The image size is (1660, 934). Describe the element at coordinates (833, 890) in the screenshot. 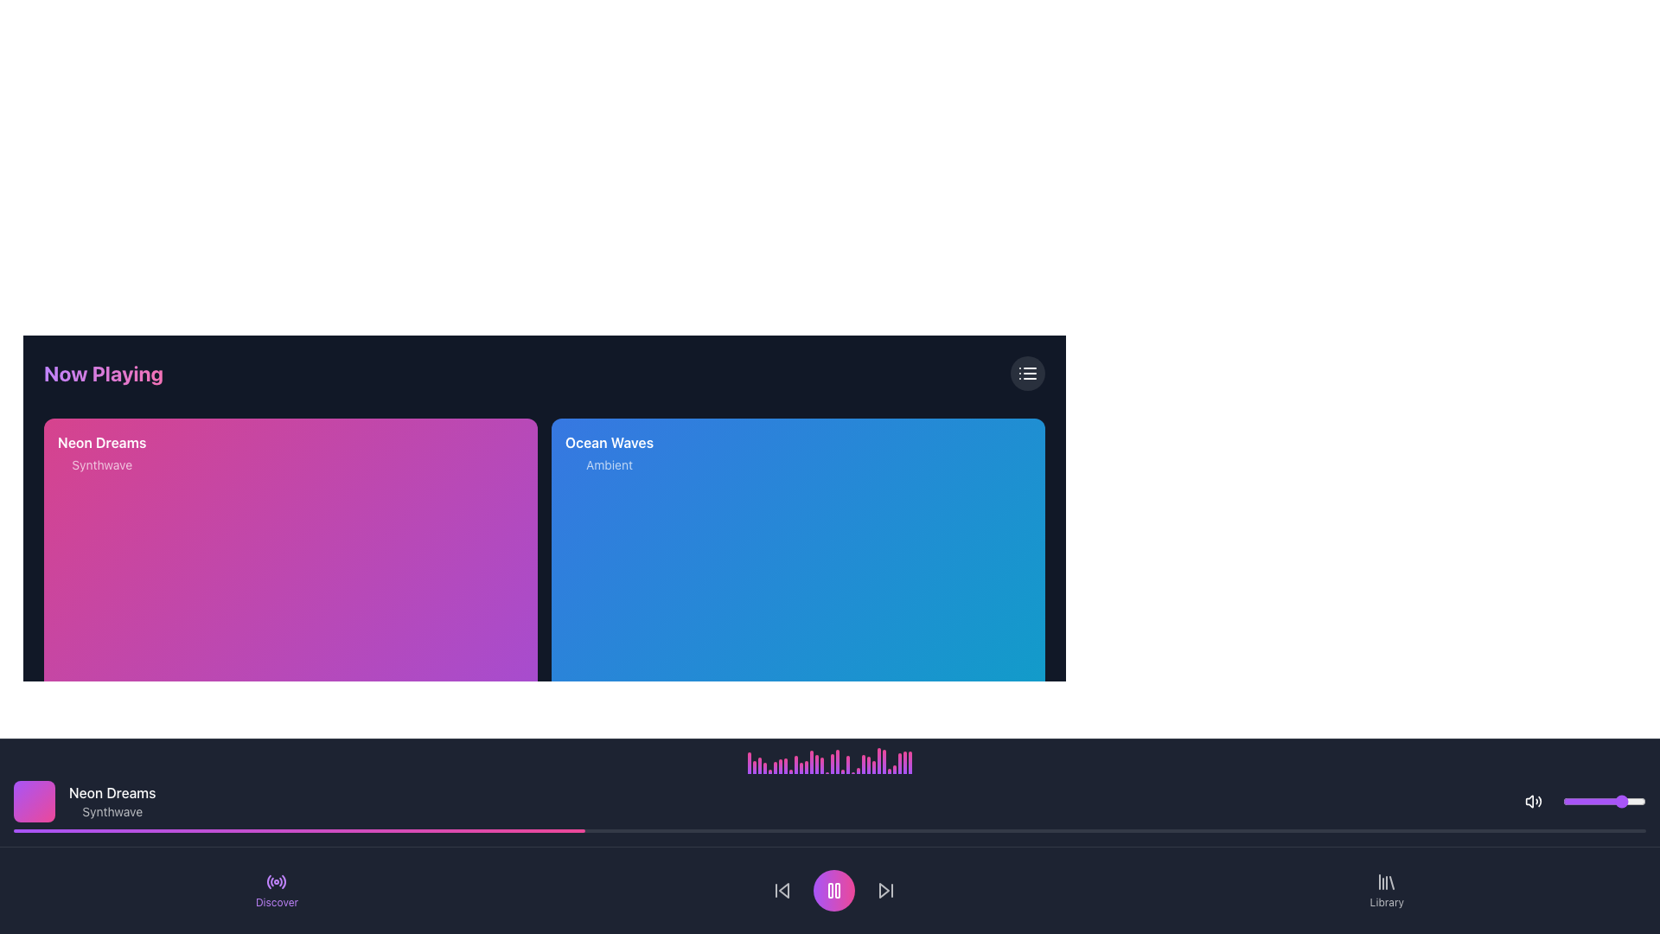

I see `the circular button with a gradient background and a white pause icon` at that location.